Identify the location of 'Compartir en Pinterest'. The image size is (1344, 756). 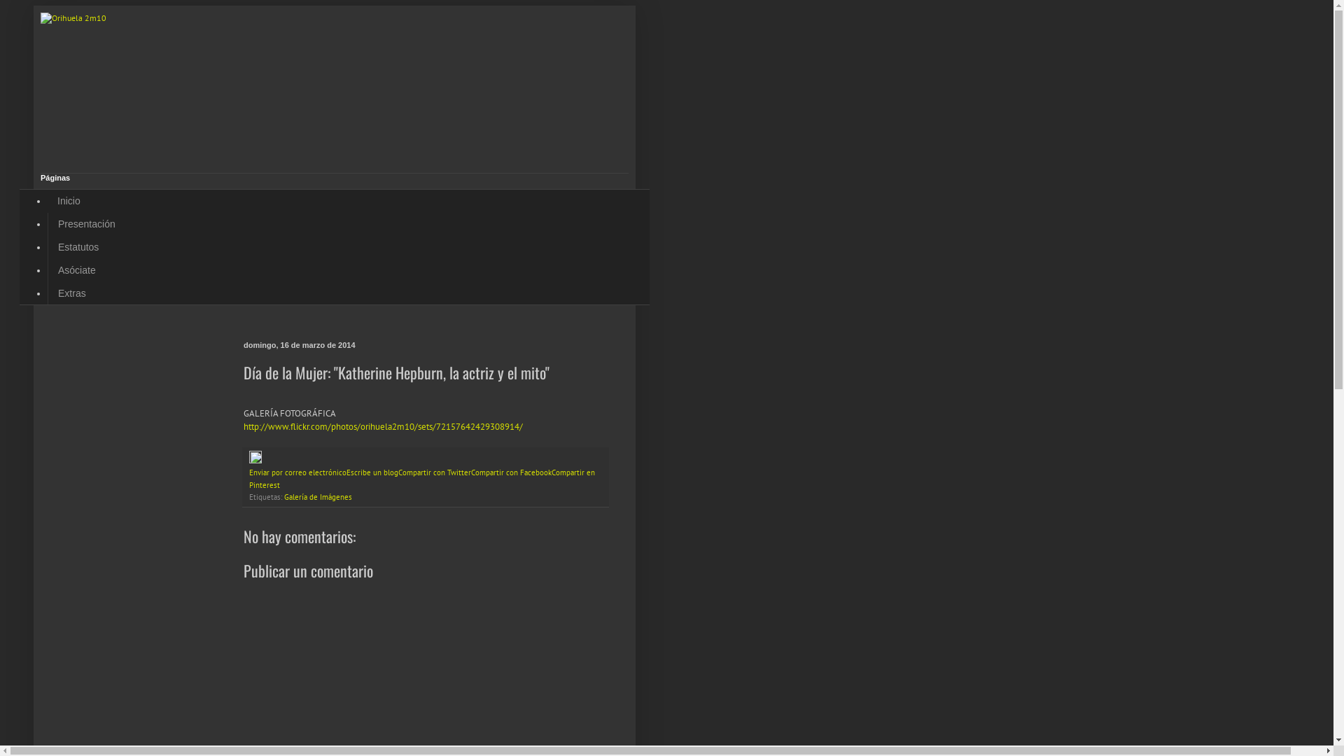
(421, 477).